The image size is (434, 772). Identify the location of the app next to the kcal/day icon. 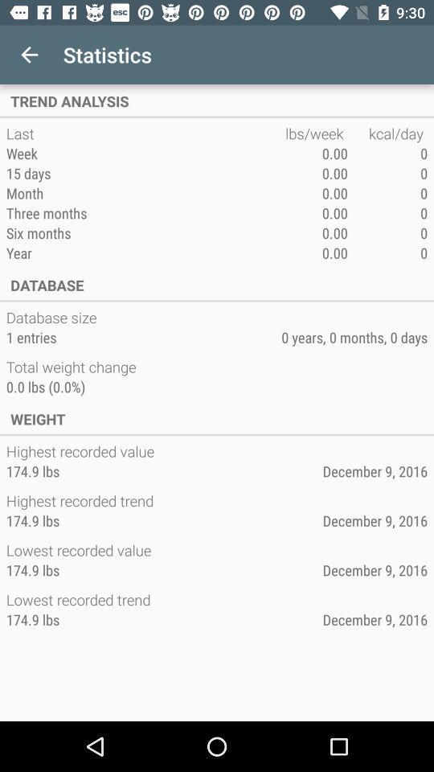
(316, 133).